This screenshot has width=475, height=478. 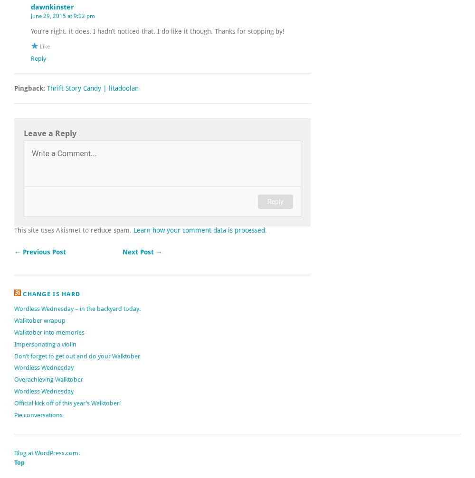 I want to click on 'You’re right, it does.  I hadn’t noticed that.  I do like it though.  Thanks for stopping by!', so click(x=157, y=30).